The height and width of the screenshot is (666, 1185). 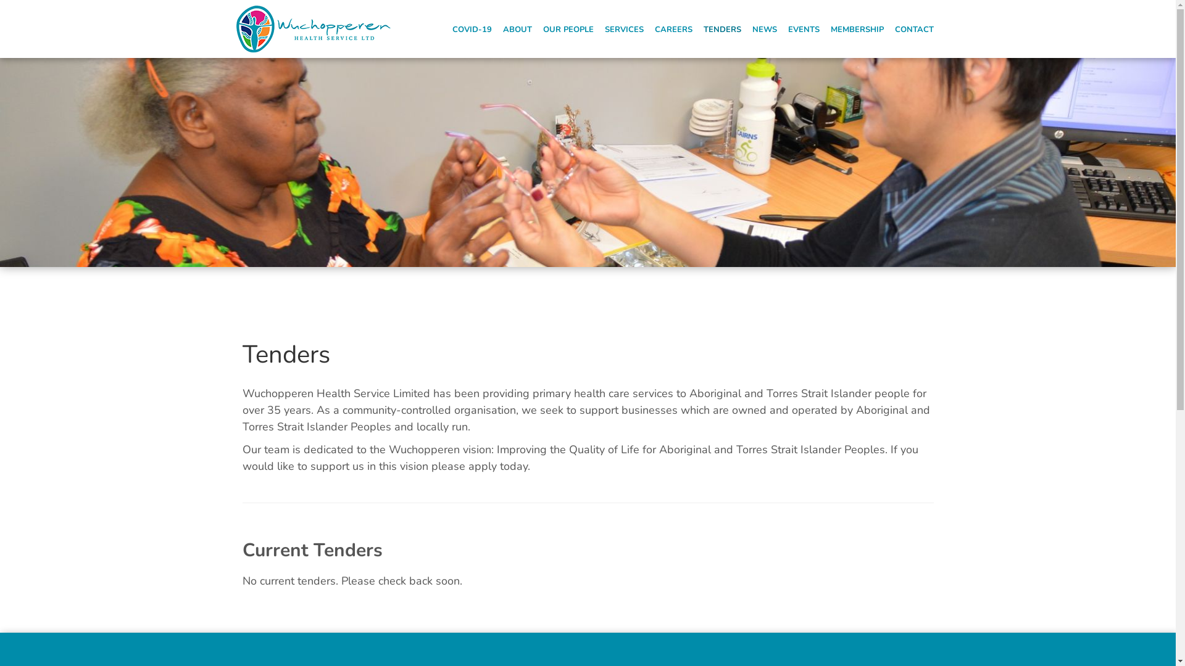 What do you see at coordinates (651, 28) in the screenshot?
I see `'CAREERS'` at bounding box center [651, 28].